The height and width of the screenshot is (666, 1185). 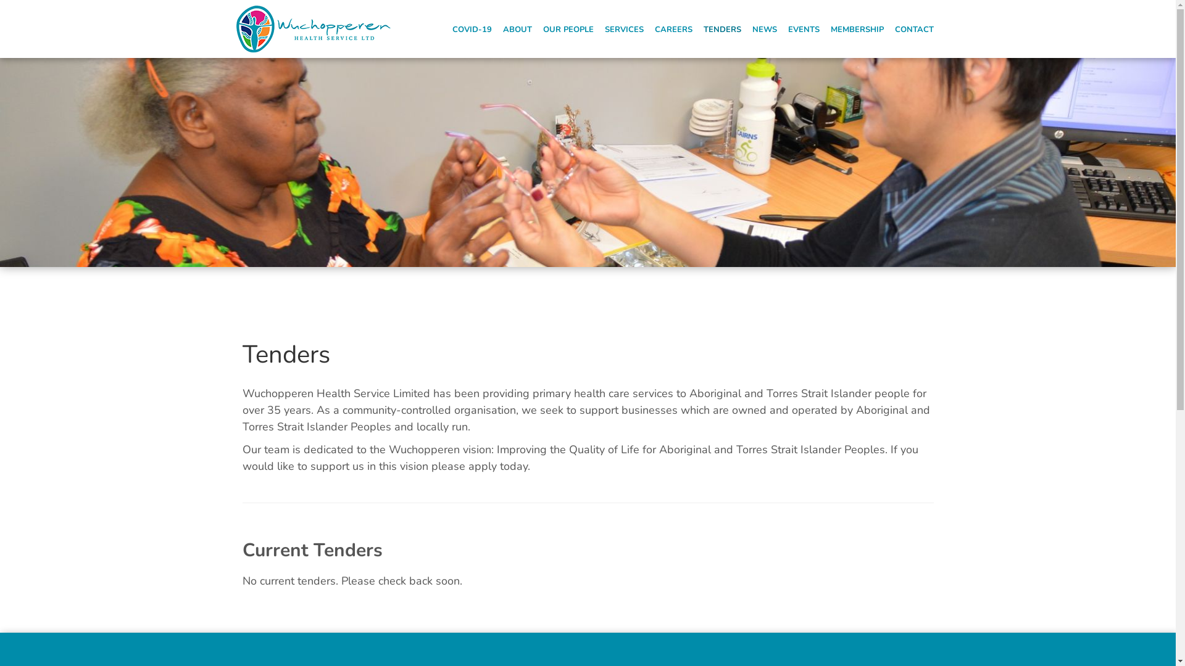 What do you see at coordinates (651, 28) in the screenshot?
I see `'CAREERS'` at bounding box center [651, 28].